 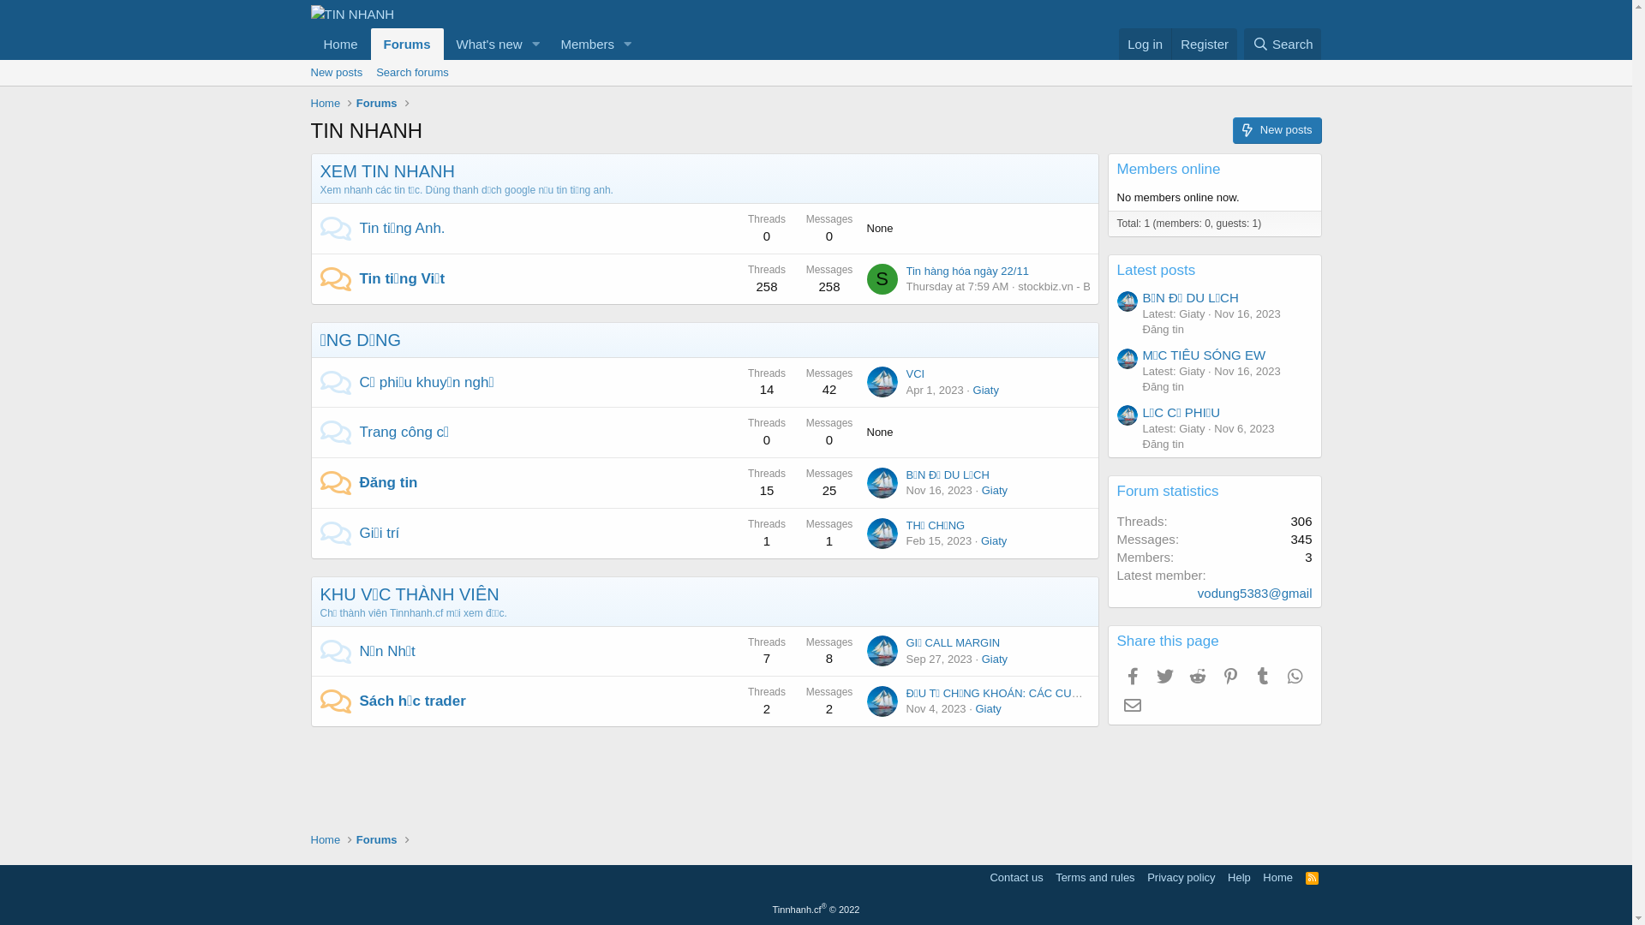 I want to click on 'New posts', so click(x=336, y=71).